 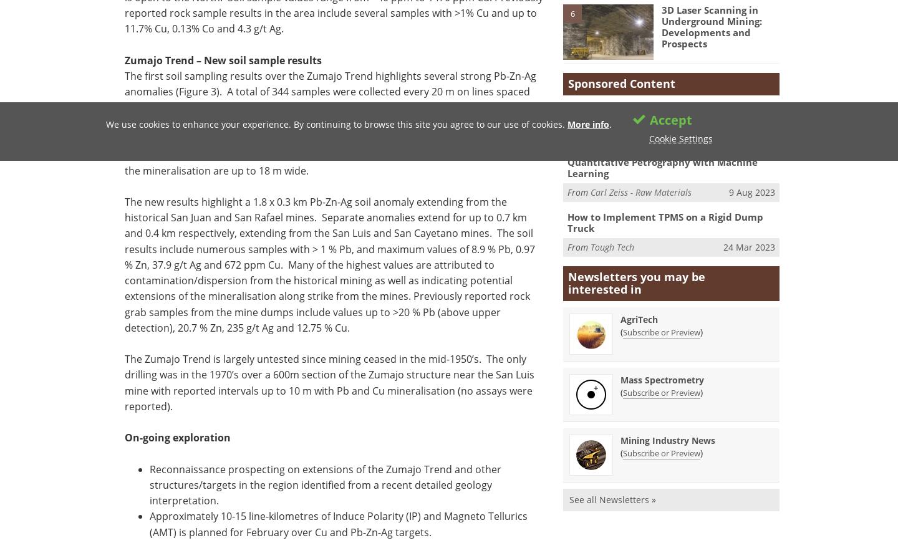 What do you see at coordinates (665, 222) in the screenshot?
I see `'How to Implement TPMS on a Rigid Dump Truck'` at bounding box center [665, 222].